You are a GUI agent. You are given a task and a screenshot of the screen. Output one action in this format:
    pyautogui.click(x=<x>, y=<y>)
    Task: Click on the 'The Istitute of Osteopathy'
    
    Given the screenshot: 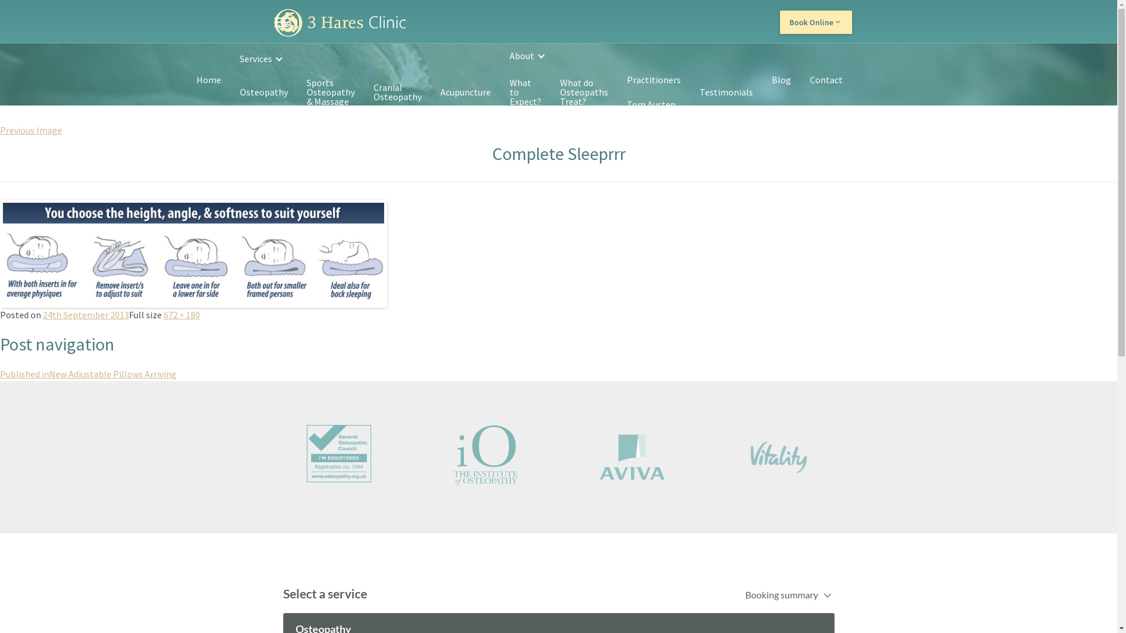 What is the action you would take?
    pyautogui.click(x=421, y=454)
    